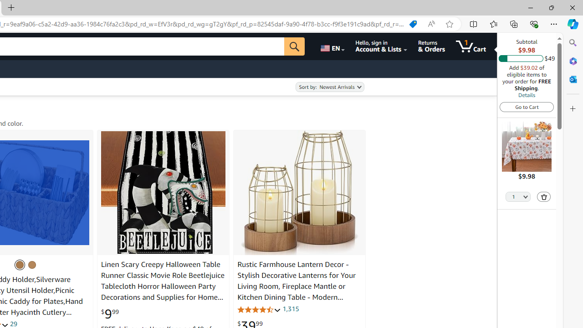 The image size is (583, 328). Describe the element at coordinates (381, 46) in the screenshot. I see `'Hello, sign in Account & Lists'` at that location.